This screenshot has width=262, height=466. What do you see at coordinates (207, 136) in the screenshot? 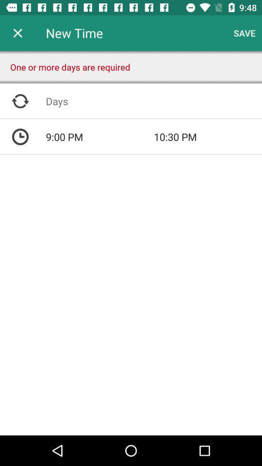
I see `10:30 pm` at bounding box center [207, 136].